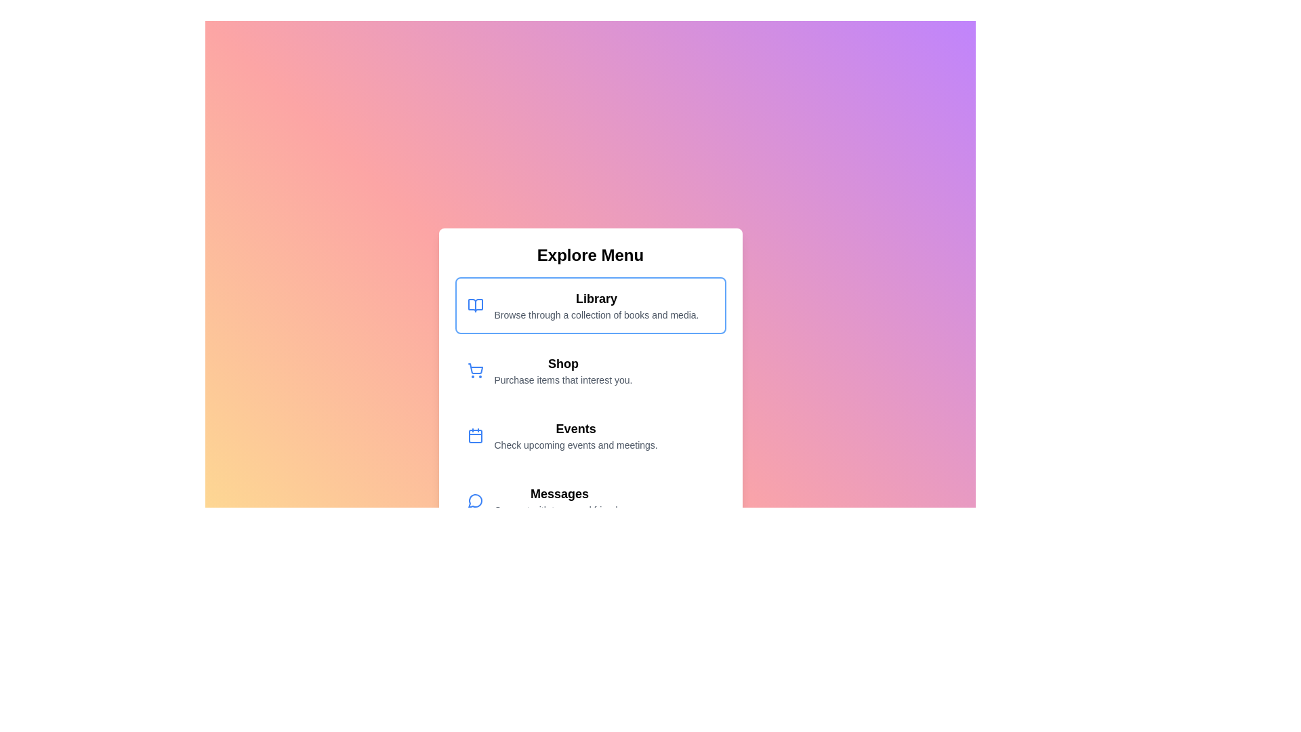 This screenshot has width=1301, height=732. I want to click on the menu option Shop to observe its hover effect, so click(590, 371).